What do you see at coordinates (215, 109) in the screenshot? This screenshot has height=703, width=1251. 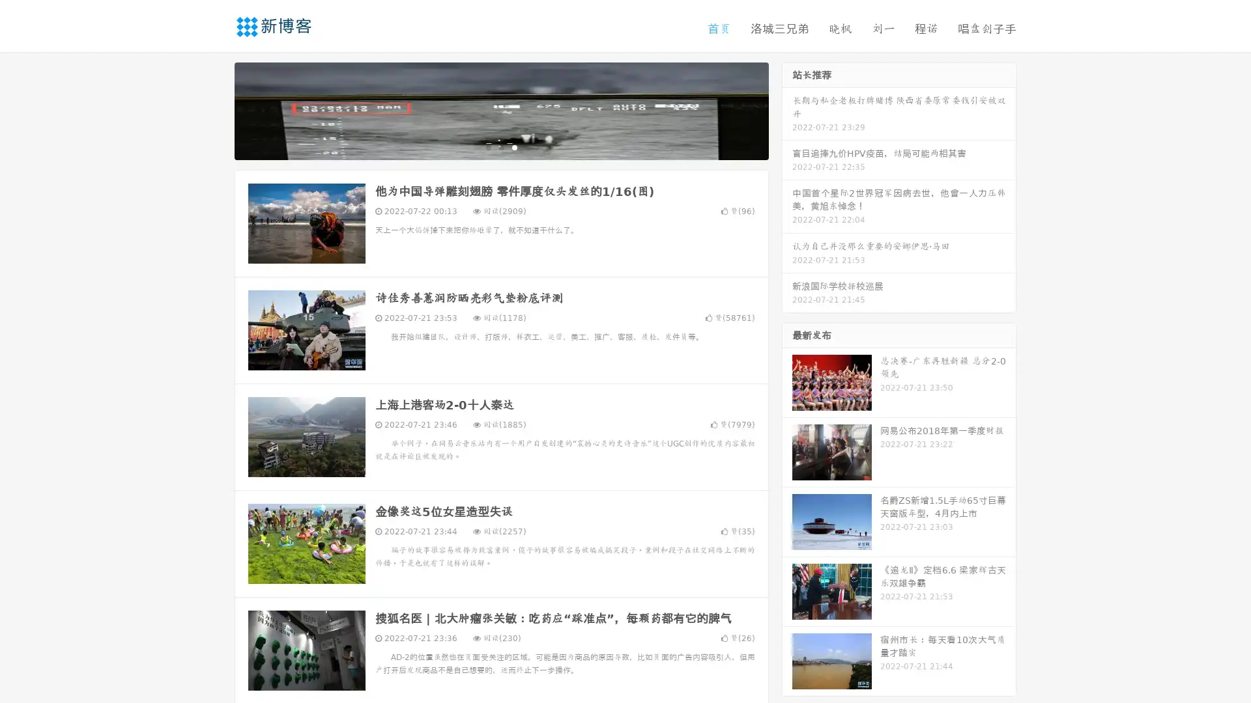 I see `Previous slide` at bounding box center [215, 109].